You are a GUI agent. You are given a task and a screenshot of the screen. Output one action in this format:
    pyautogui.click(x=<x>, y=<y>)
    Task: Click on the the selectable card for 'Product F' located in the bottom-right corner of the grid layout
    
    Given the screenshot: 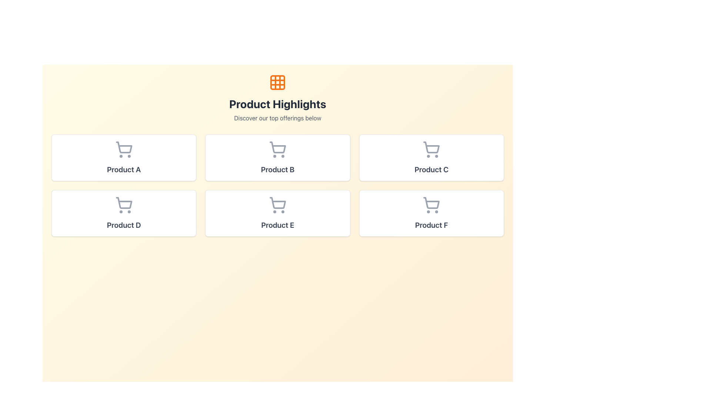 What is the action you would take?
    pyautogui.click(x=431, y=213)
    